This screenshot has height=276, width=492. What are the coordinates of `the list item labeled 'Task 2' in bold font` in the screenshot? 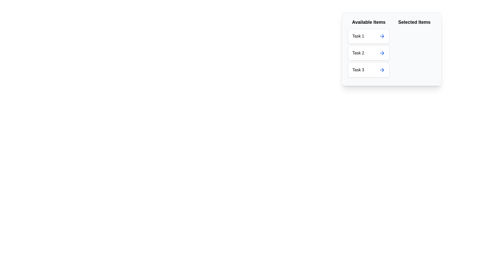 It's located at (368, 49).